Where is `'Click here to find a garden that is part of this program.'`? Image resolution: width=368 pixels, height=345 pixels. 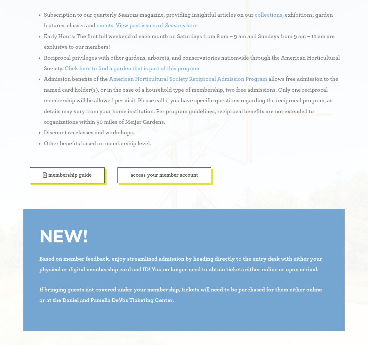
'Click here to find a garden that is part of this program.' is located at coordinates (132, 68).